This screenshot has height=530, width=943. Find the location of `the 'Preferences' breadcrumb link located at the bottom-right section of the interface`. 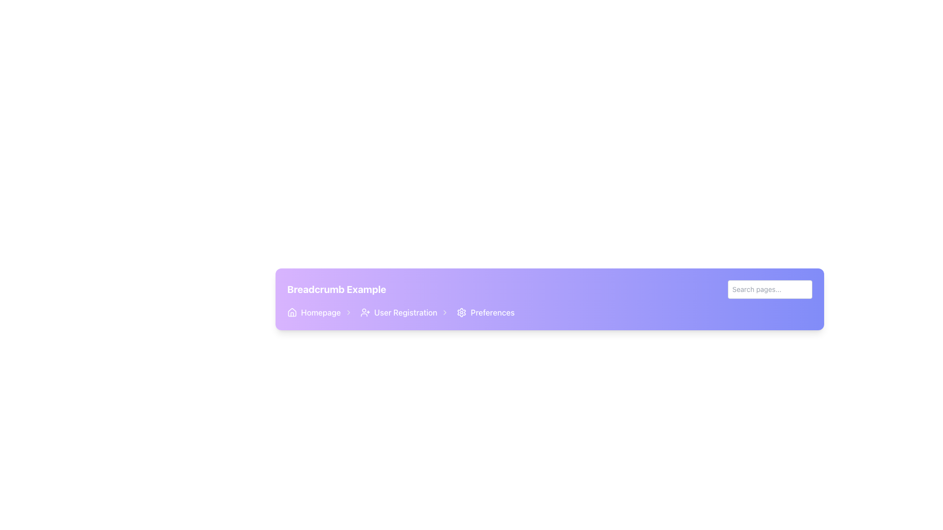

the 'Preferences' breadcrumb link located at the bottom-right section of the interface is located at coordinates (486, 312).